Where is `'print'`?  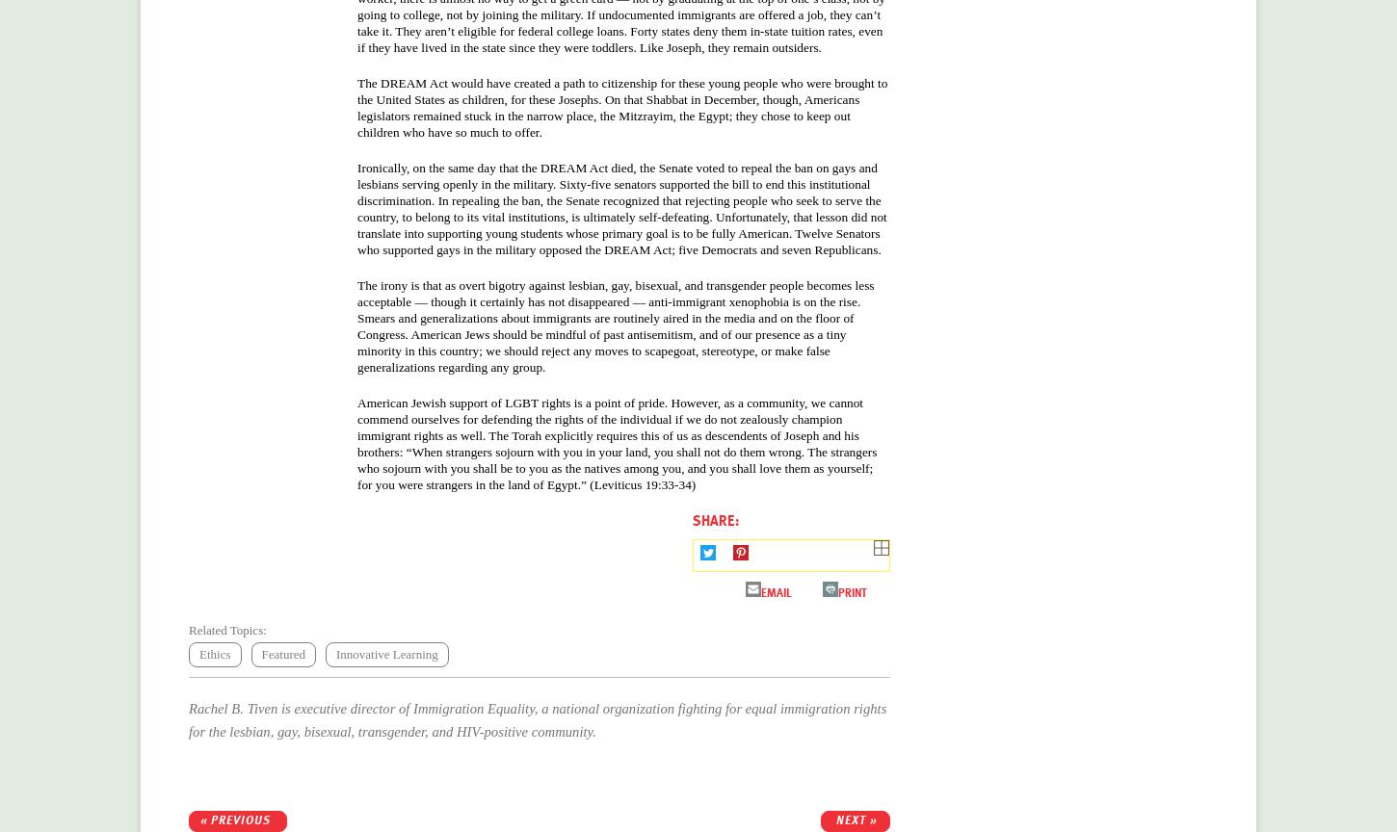
'print' is located at coordinates (837, 590).